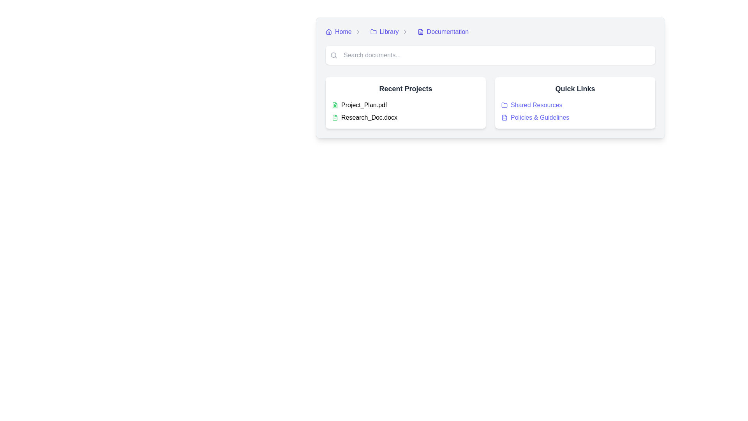 Image resolution: width=748 pixels, height=421 pixels. I want to click on the breadcrumb navigation link at the top-left corner of the central content area, so click(344, 31).